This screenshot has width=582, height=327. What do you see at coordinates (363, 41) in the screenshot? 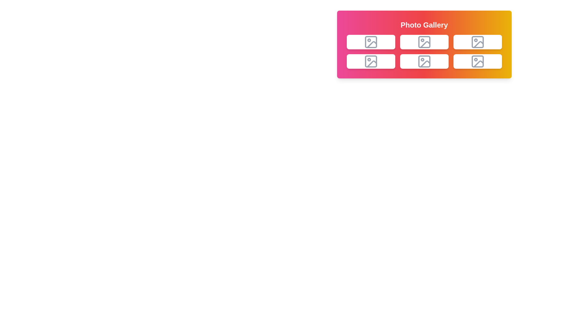
I see `the first interactive circular button` at bounding box center [363, 41].